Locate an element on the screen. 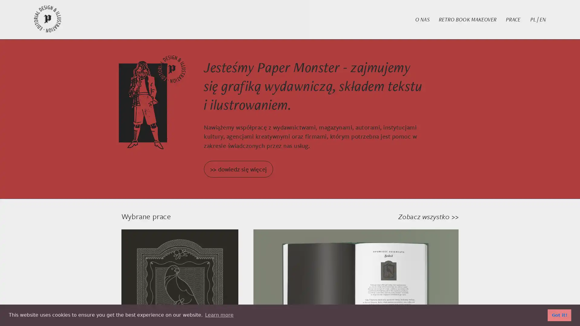 The width and height of the screenshot is (580, 326). learn more about cookies is located at coordinates (219, 315).